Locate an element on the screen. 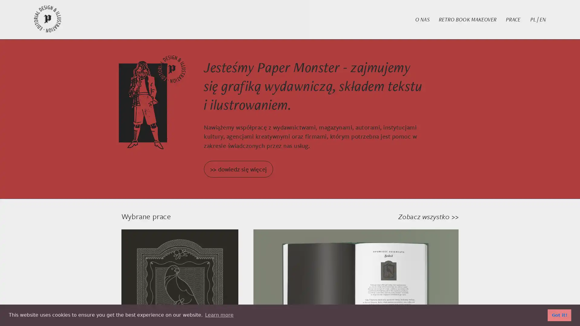 The width and height of the screenshot is (580, 326). learn more about cookies is located at coordinates (219, 315).